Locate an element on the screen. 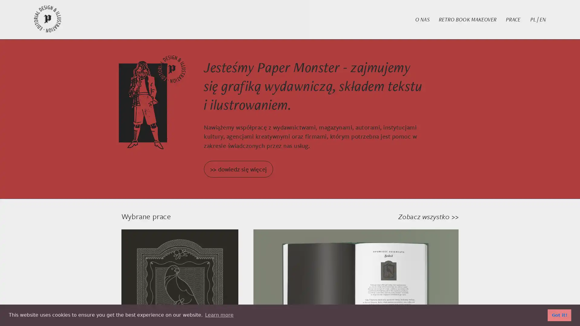 The width and height of the screenshot is (580, 326). learn more about cookies is located at coordinates (219, 315).